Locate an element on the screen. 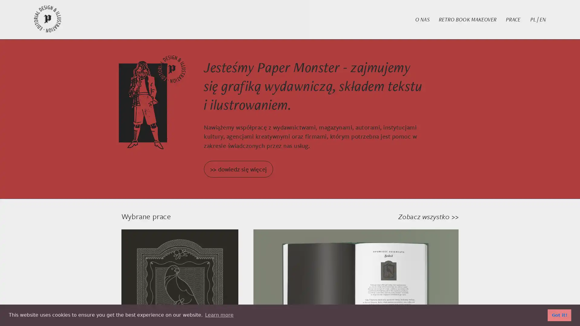 The width and height of the screenshot is (580, 326). learn more about cookies is located at coordinates (219, 315).